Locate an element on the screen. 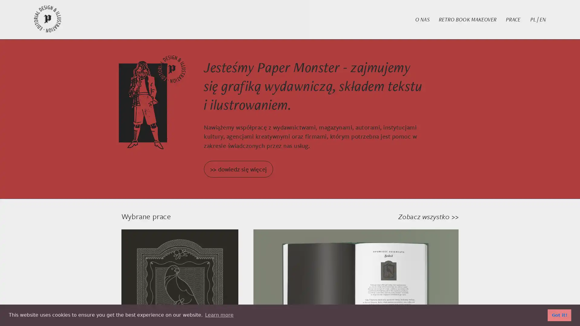 The width and height of the screenshot is (580, 326). learn more about cookies is located at coordinates (219, 315).